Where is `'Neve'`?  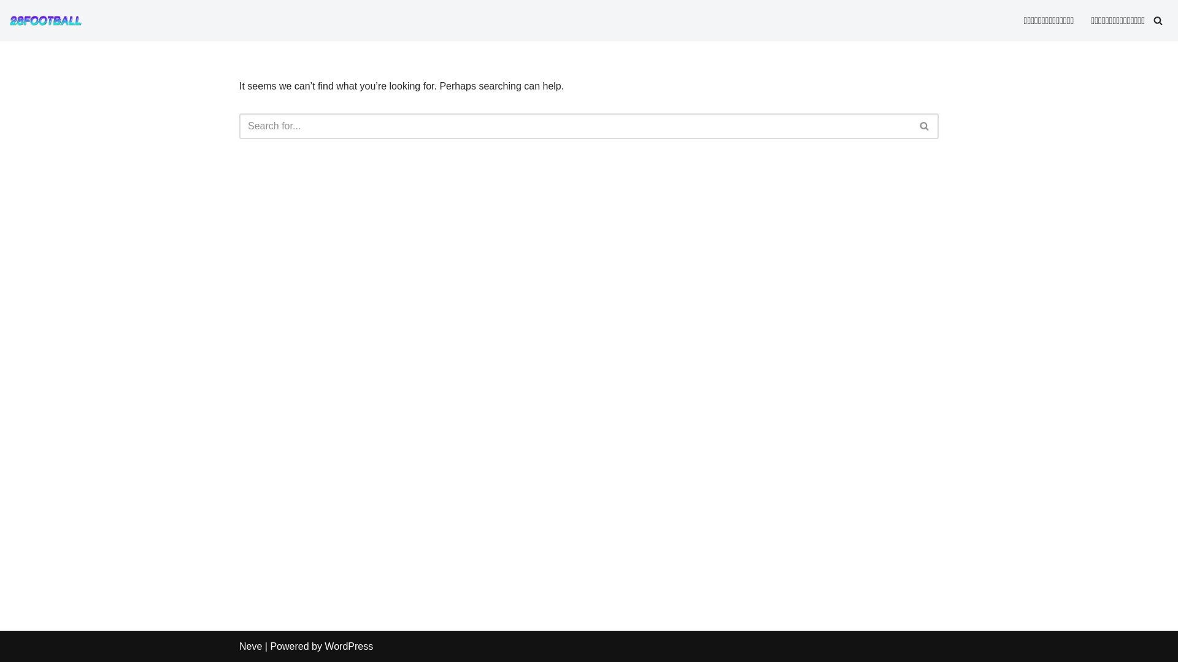 'Neve' is located at coordinates (250, 645).